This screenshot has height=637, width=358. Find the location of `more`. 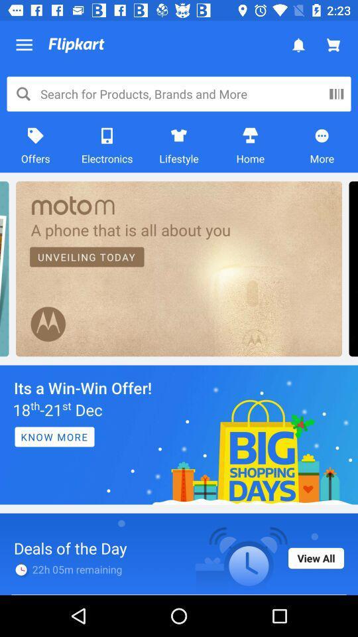

more is located at coordinates (336, 93).